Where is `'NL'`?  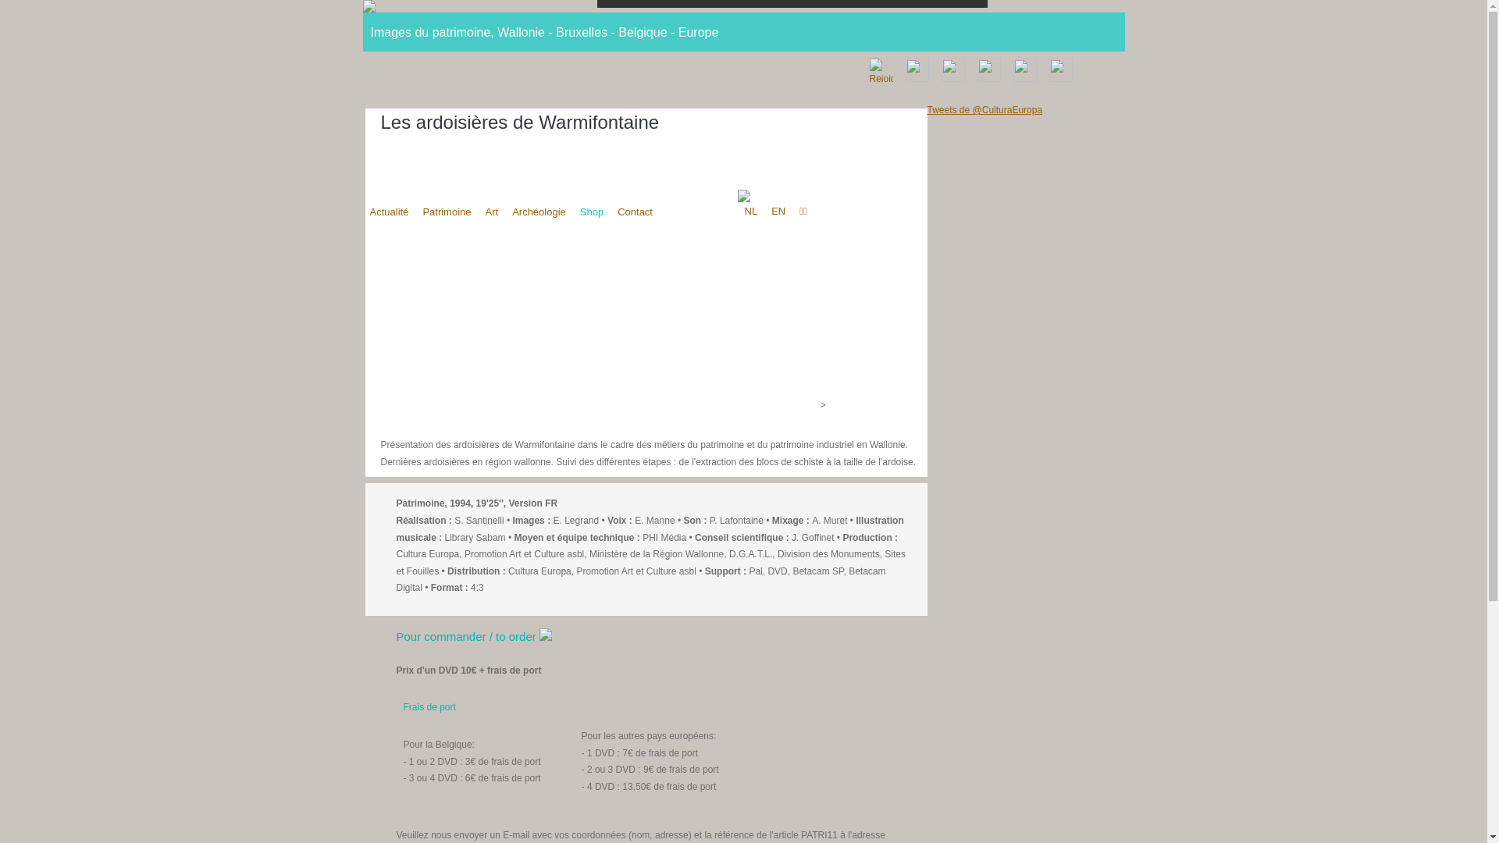 'NL' is located at coordinates (750, 211).